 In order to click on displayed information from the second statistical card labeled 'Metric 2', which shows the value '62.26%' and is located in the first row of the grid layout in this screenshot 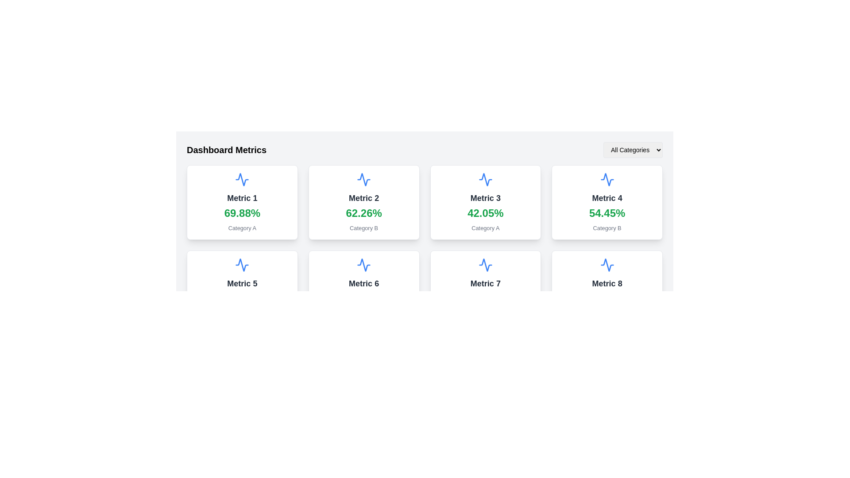, I will do `click(364, 202)`.